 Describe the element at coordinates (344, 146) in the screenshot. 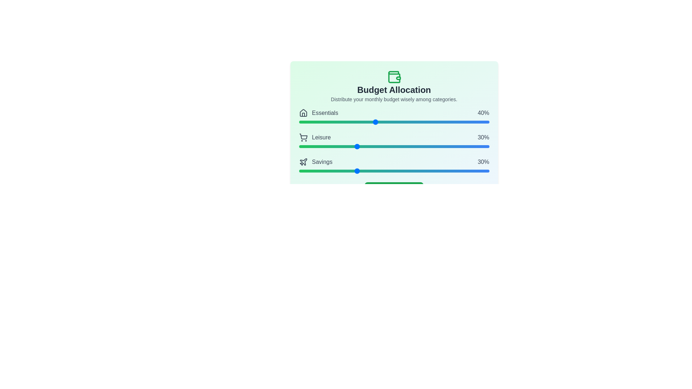

I see `the 'Leisure' slider to 24%` at that location.